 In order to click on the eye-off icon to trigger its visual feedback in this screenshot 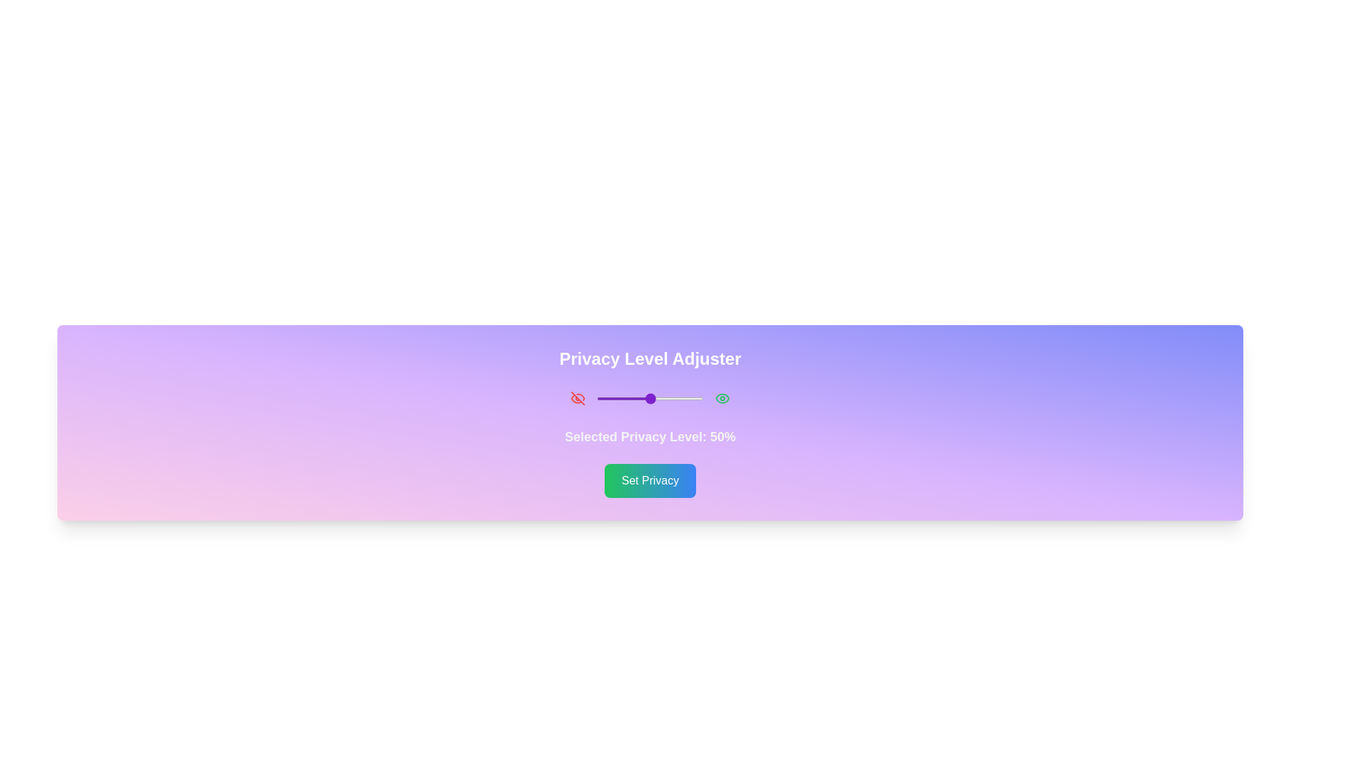, I will do `click(578, 399)`.